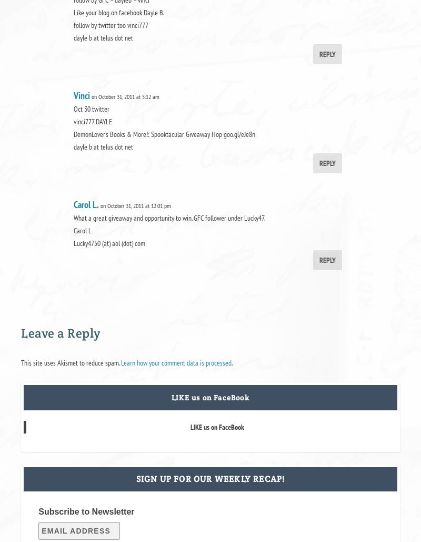  I want to click on 'vinci777 DAYLE', so click(92, 120).